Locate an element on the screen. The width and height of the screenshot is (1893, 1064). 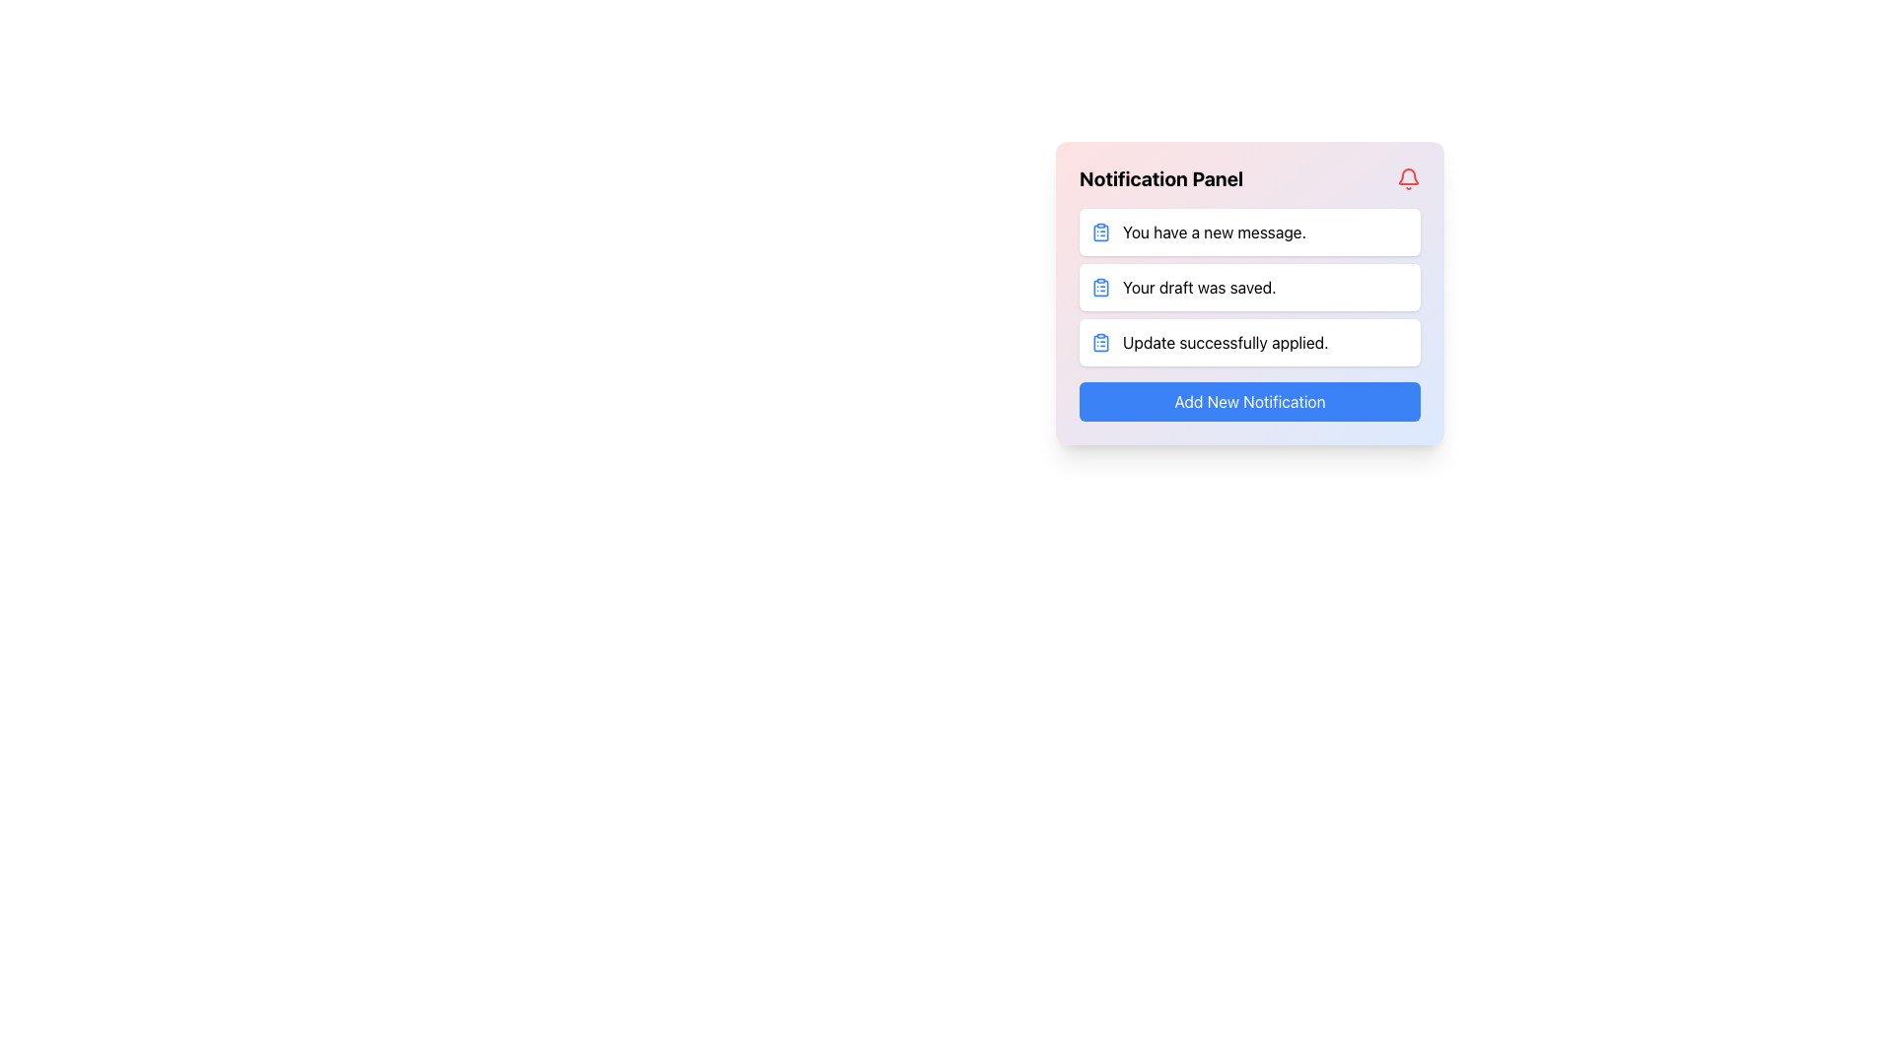
the blue clipboard icon within the notification component that indicates 'Your draft was saved.' by interpreting its function is located at coordinates (1100, 288).